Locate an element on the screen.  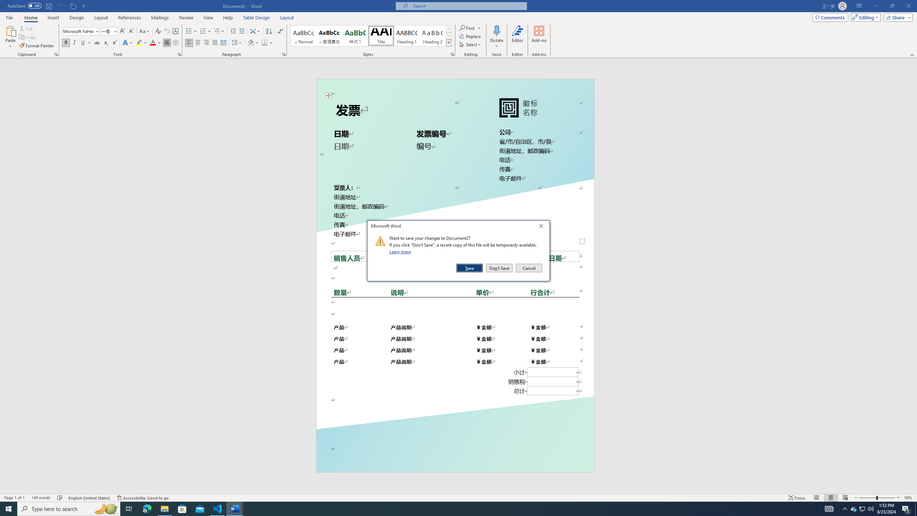
'Cut' is located at coordinates (26, 28).